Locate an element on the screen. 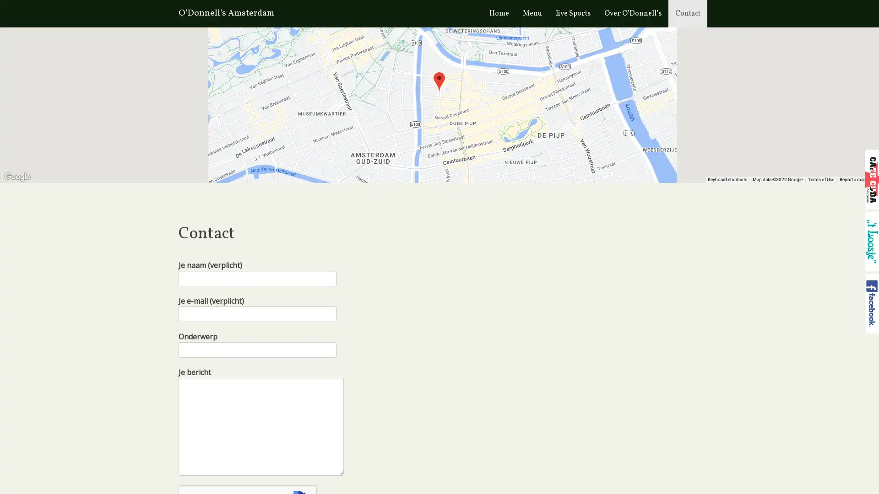 Image resolution: width=879 pixels, height=494 pixels. Keyboard shortcuts is located at coordinates (727, 180).